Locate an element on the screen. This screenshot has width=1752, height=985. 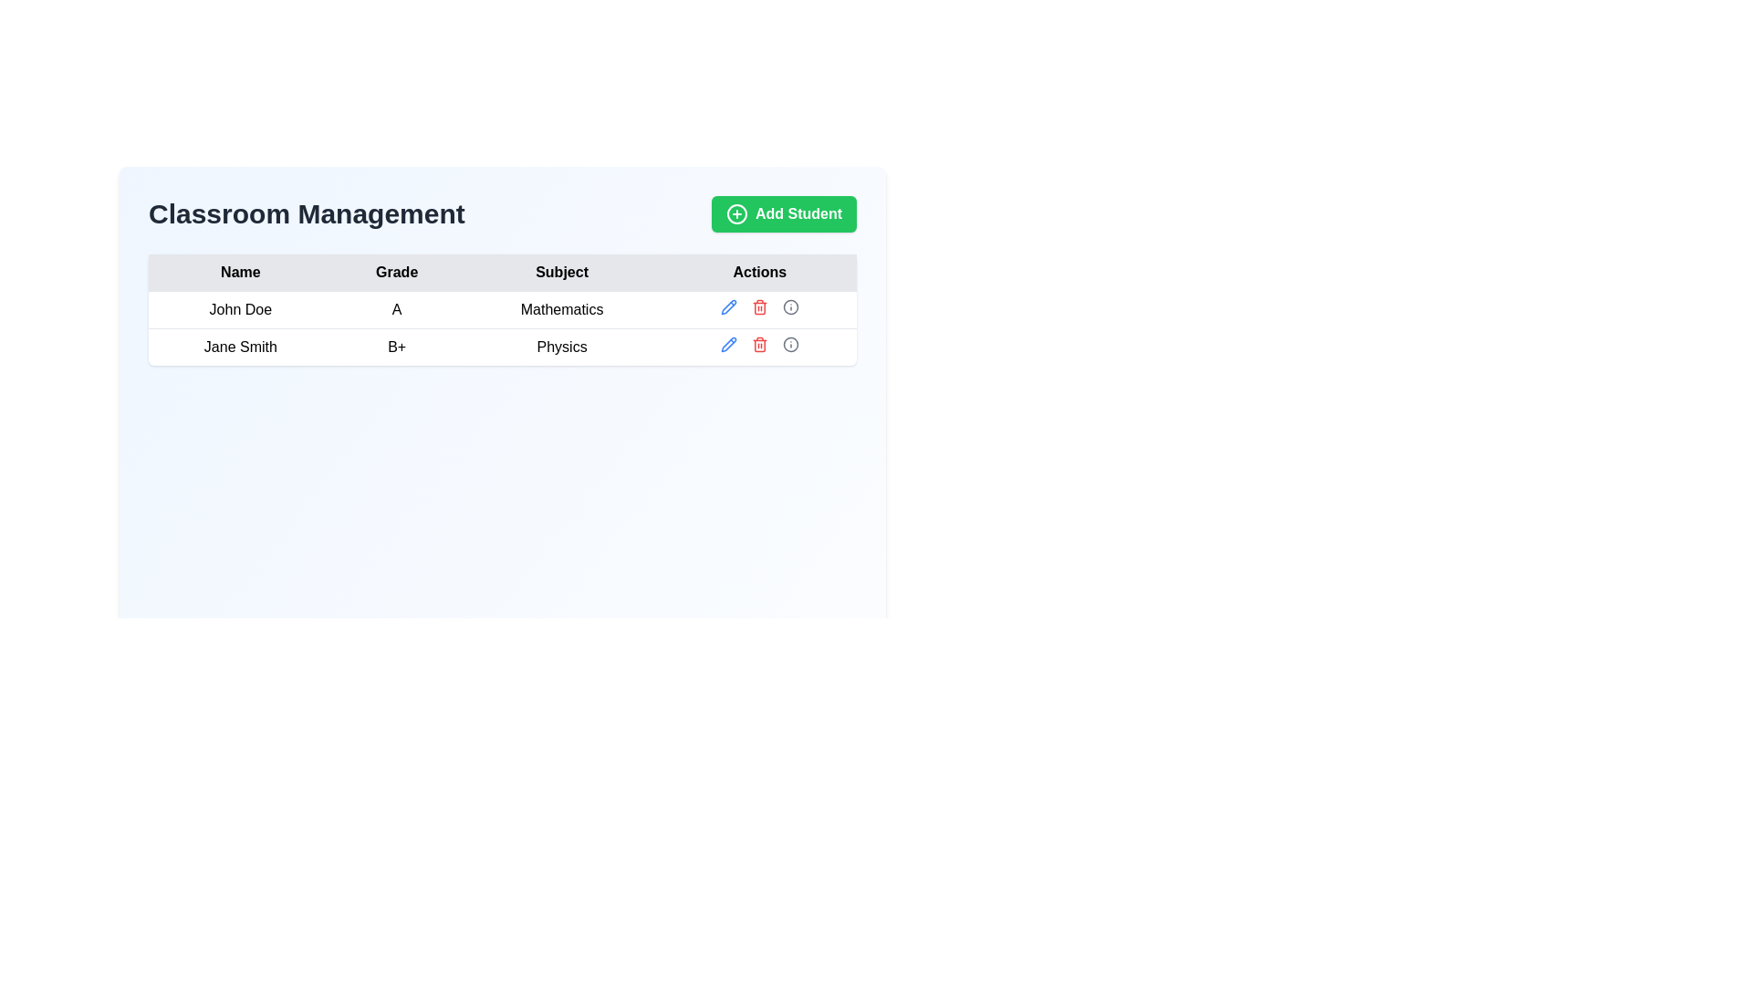
the information button located is located at coordinates (790, 306).